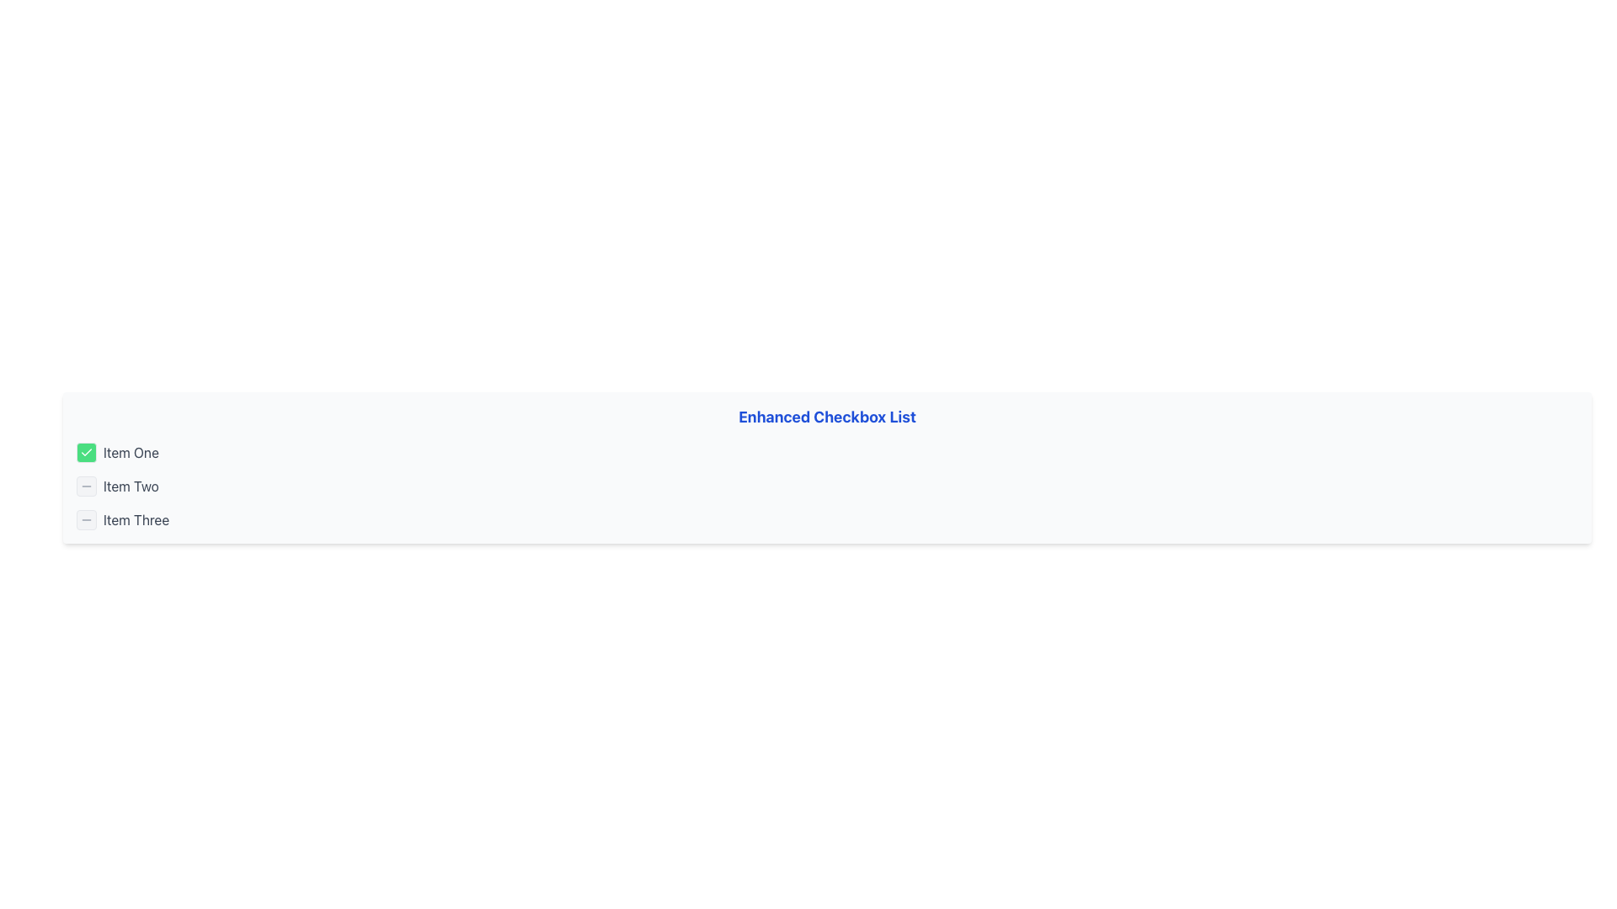  I want to click on the active Checkbox element located to the left of the text 'Item One', so click(85, 451).